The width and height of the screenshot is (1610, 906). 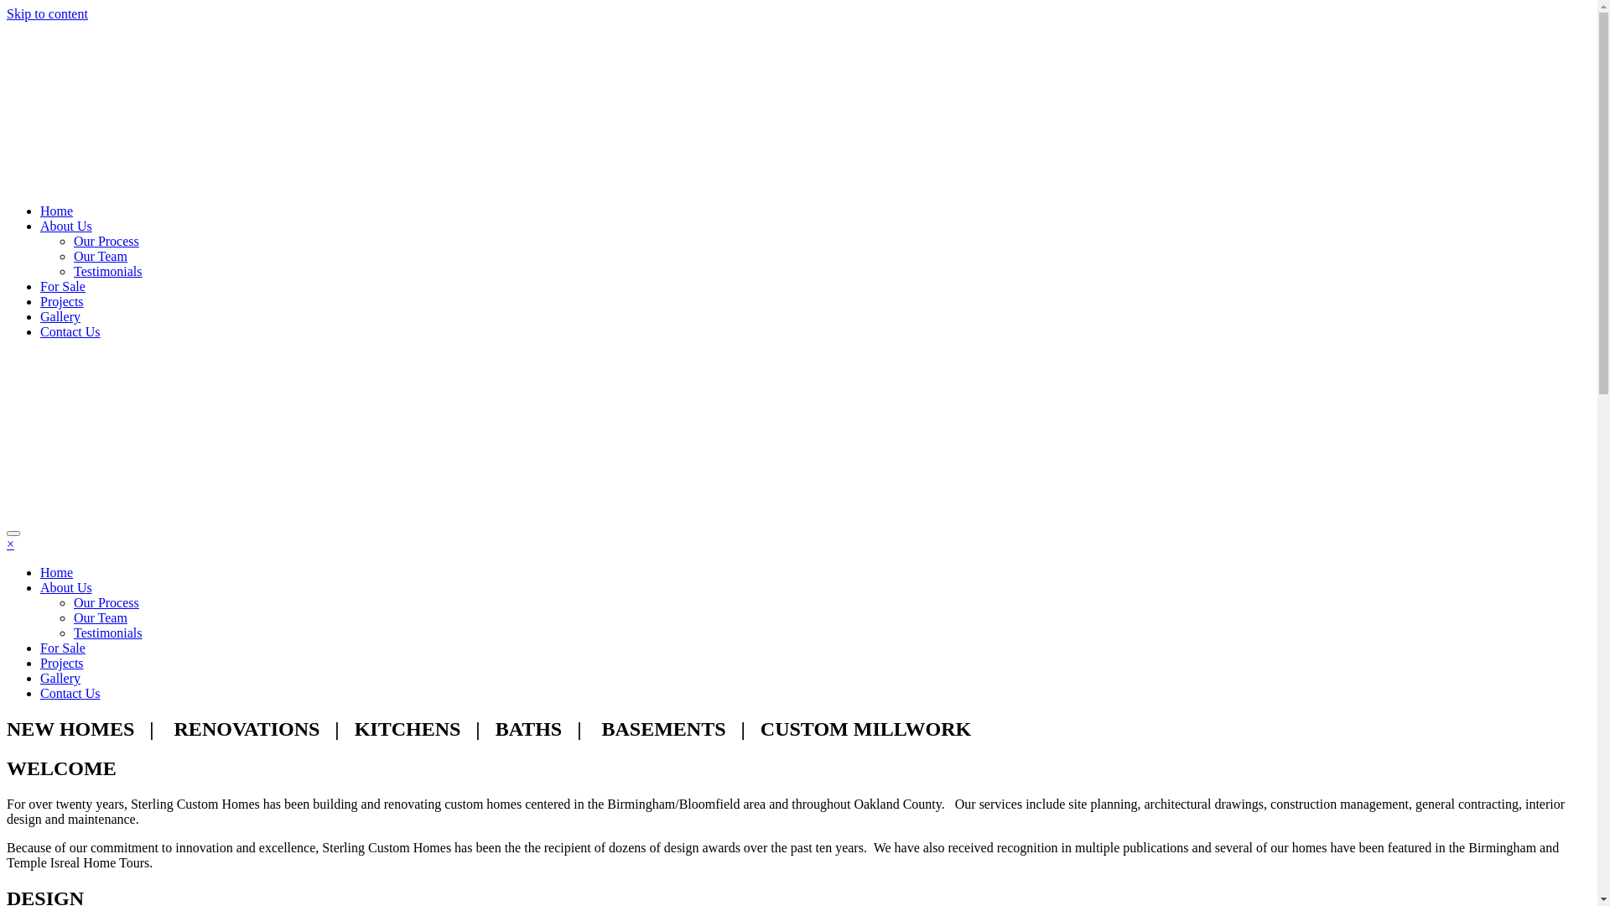 I want to click on 'For Sale', so click(x=63, y=647).